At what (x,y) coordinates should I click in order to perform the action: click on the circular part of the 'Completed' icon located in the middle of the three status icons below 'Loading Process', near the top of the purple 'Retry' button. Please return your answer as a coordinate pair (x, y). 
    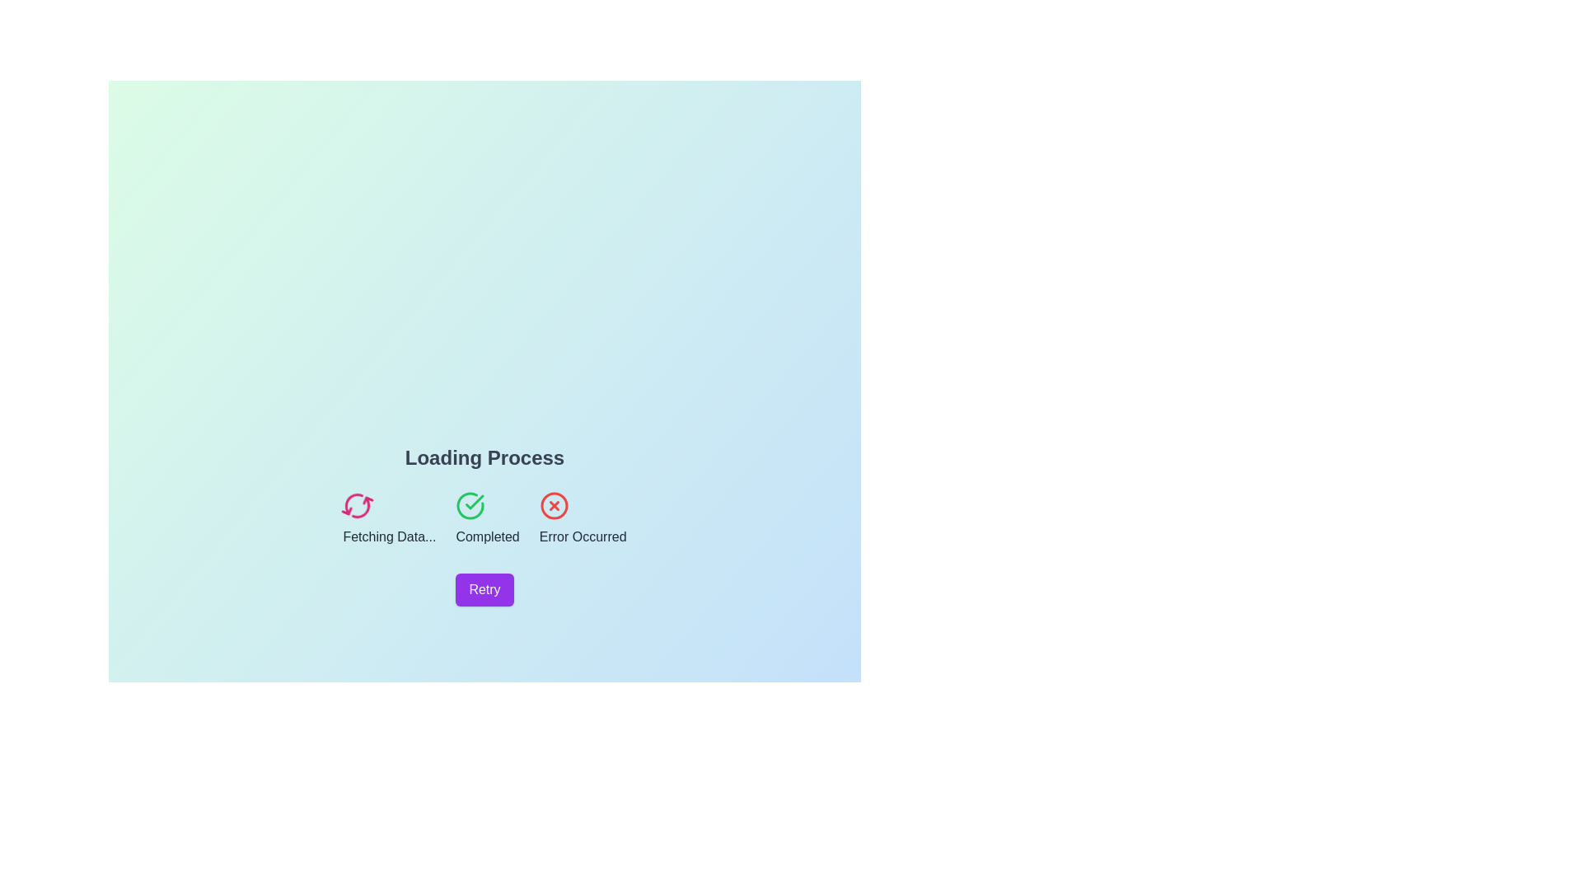
    Looking at the image, I should click on (470, 504).